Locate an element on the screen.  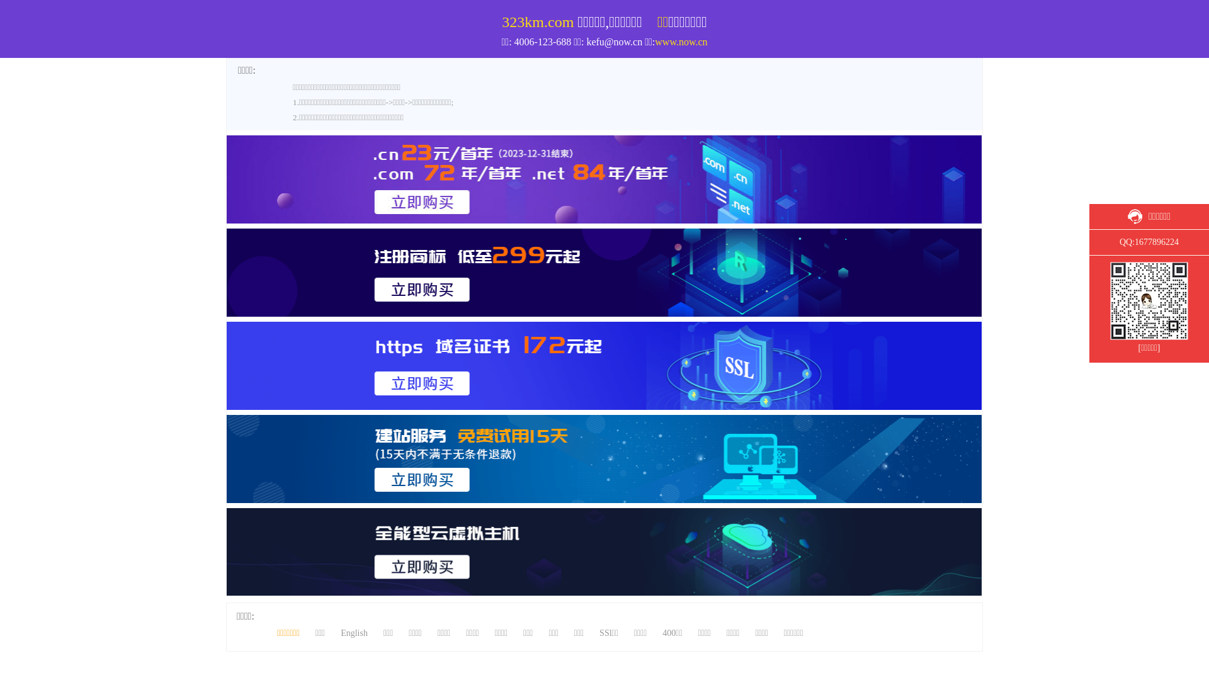
'English' is located at coordinates (353, 633).